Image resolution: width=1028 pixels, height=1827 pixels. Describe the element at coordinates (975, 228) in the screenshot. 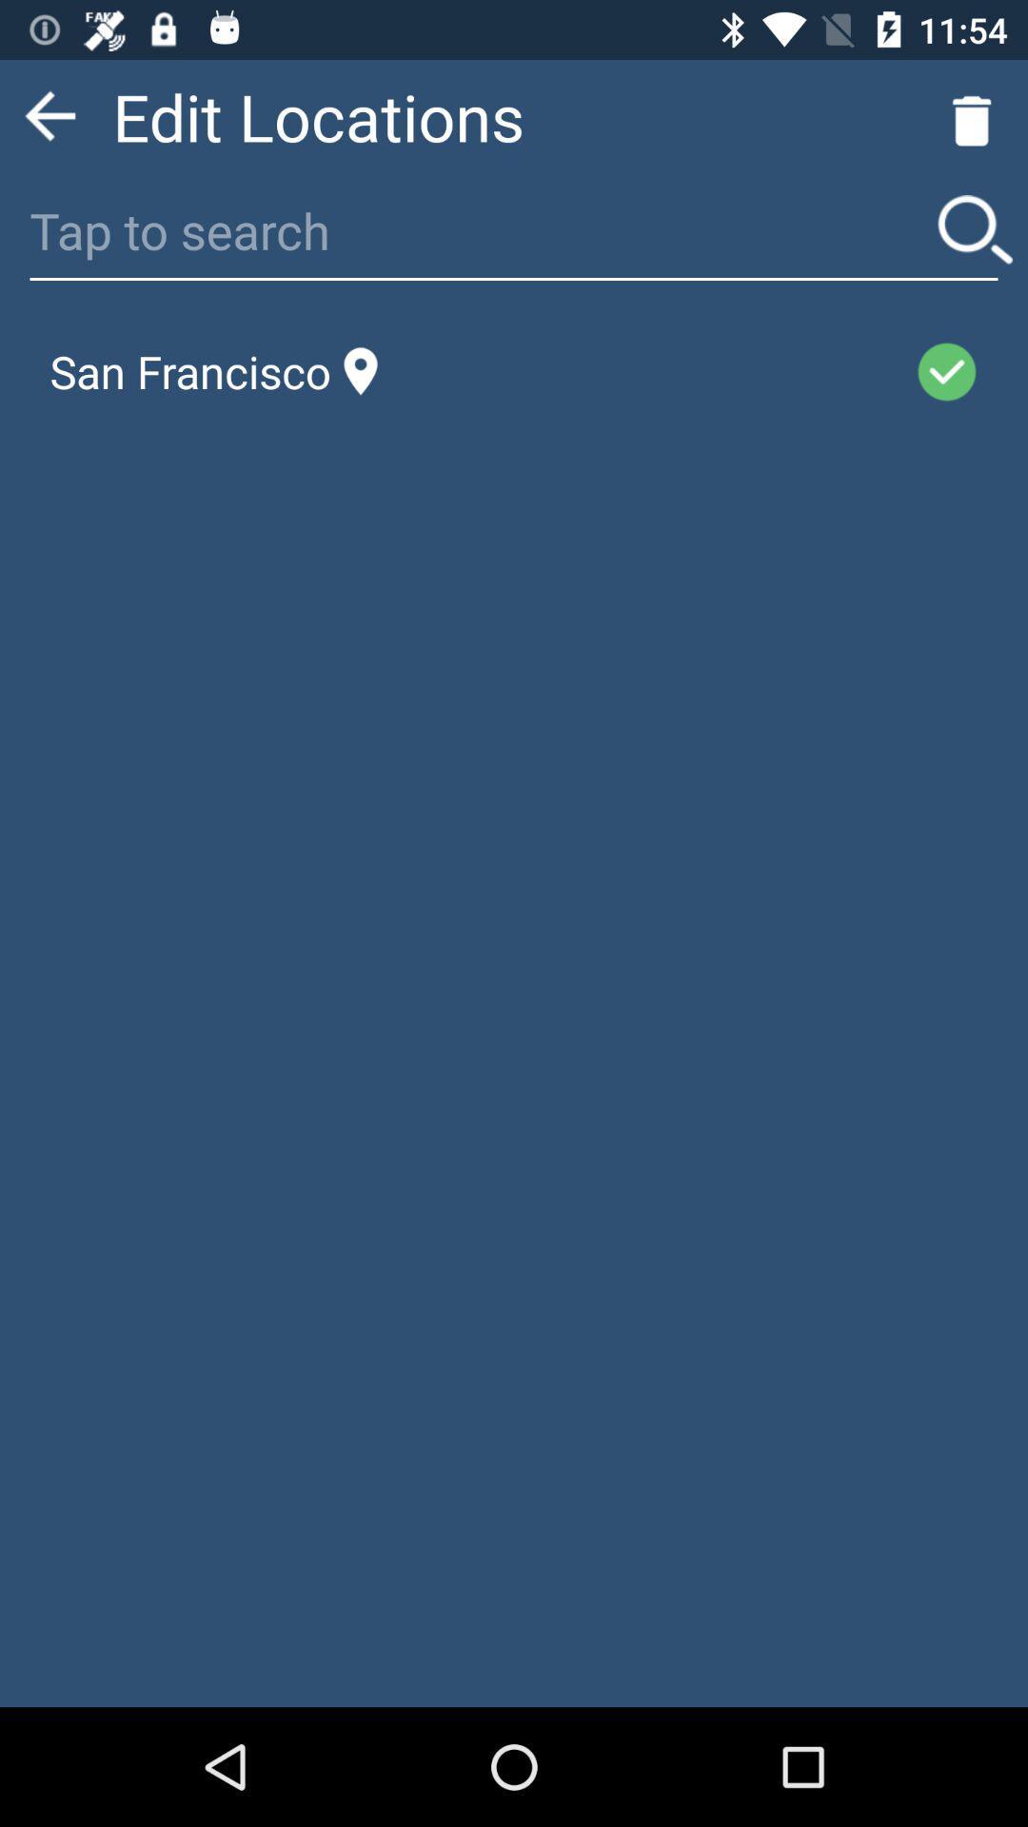

I see `the search icon` at that location.